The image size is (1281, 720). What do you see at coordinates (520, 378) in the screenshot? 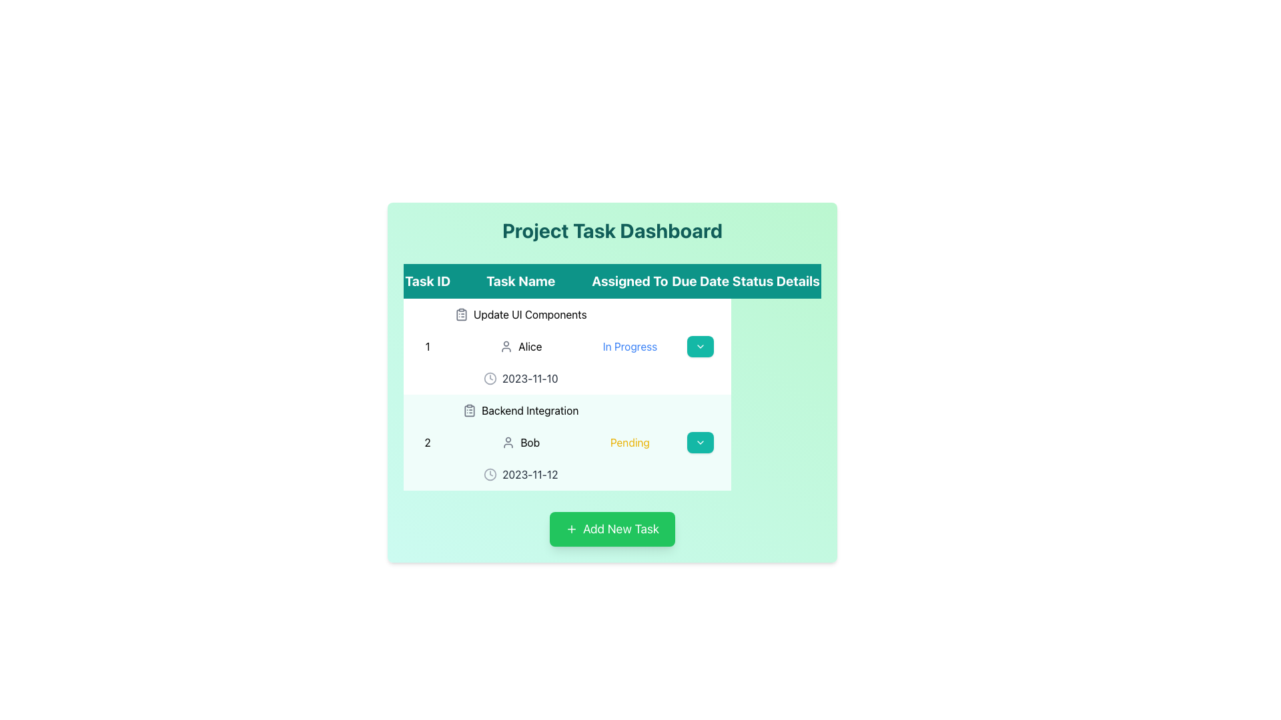
I see `the static text element indicating the due date for the task 'Update UI Components' in the 'Project Task Dashboard' table, located in the fourth column of the first data row` at bounding box center [520, 378].